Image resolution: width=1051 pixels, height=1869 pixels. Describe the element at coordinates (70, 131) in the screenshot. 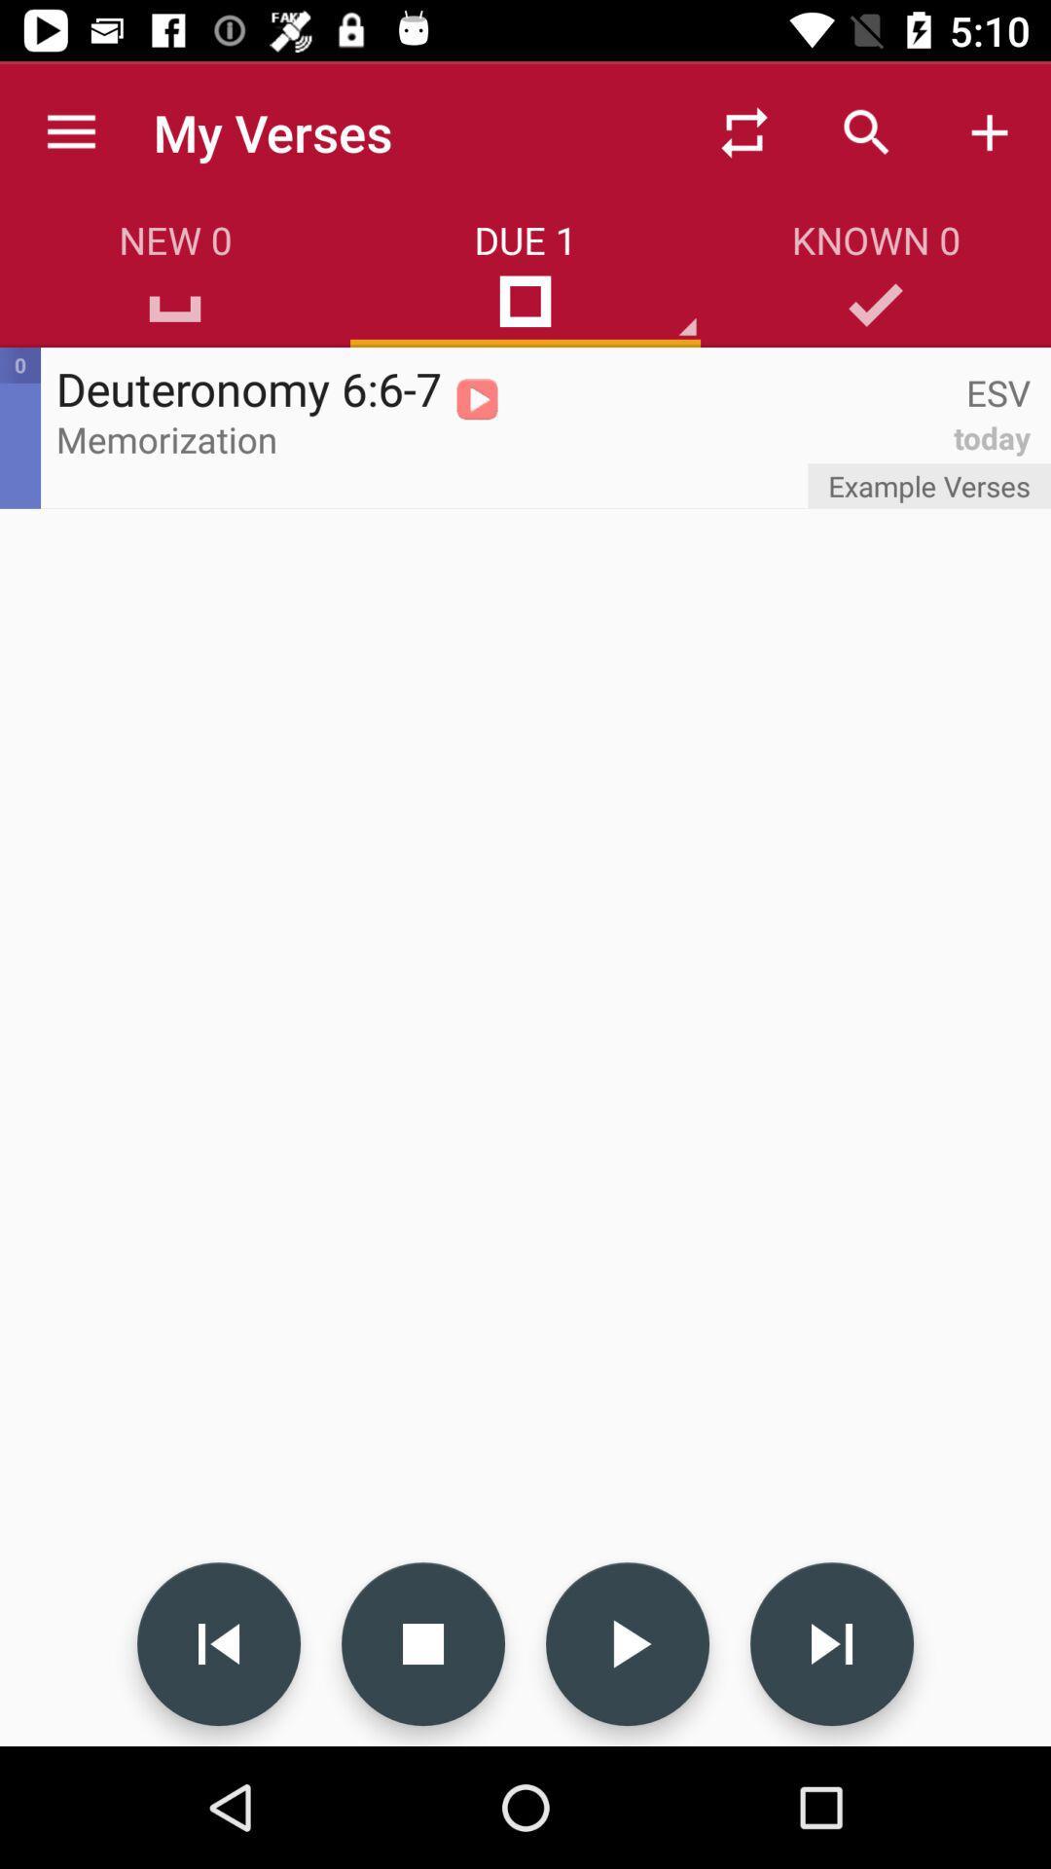

I see `app next to my verses app` at that location.